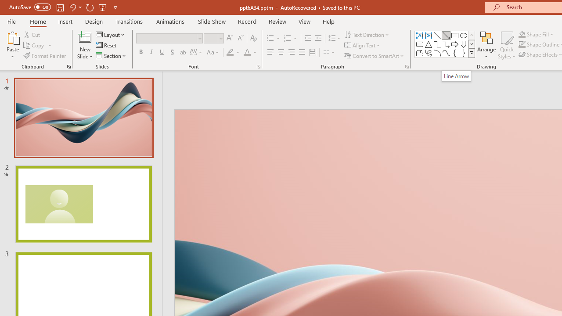 Image resolution: width=562 pixels, height=316 pixels. Describe the element at coordinates (522, 44) in the screenshot. I see `'Shape Outline'` at that location.